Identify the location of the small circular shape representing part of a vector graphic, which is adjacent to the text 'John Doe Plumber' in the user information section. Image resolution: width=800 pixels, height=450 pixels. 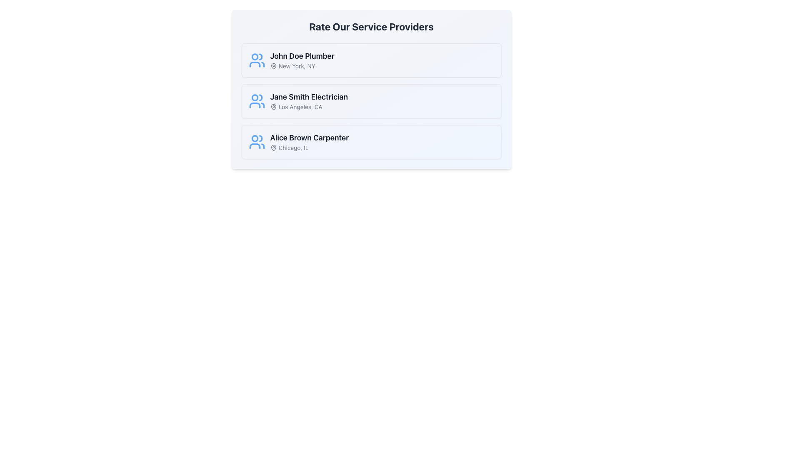
(254, 56).